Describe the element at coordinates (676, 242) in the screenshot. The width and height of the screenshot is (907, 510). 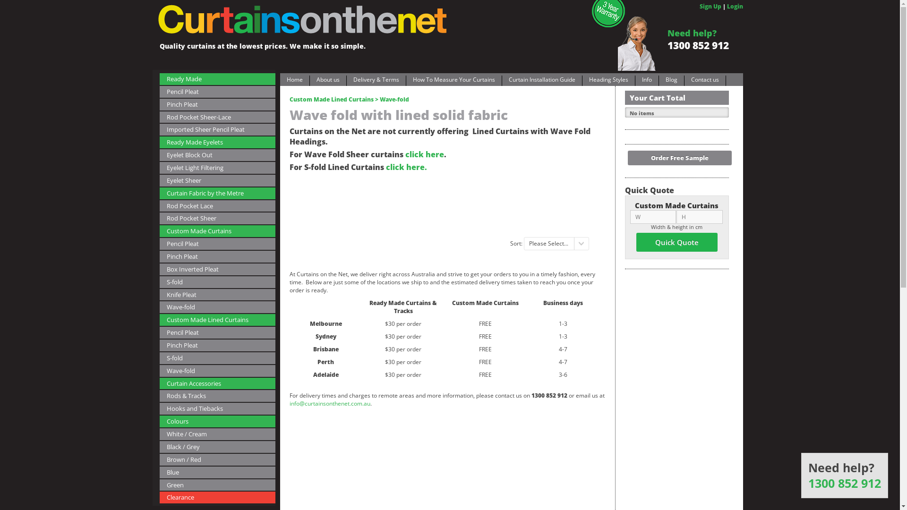
I see `'Quick Quote'` at that location.